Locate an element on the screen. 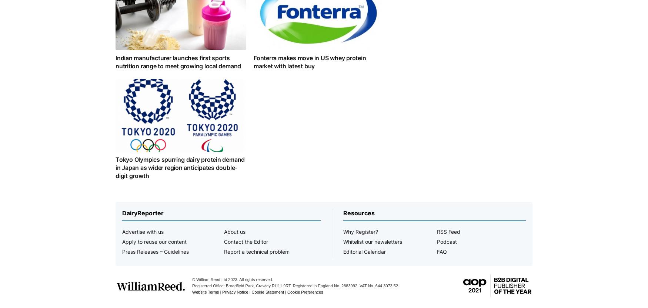  'Tokyo Olympics spurring dairy protein demand in Japan as wider region anticipates double-digit growth' is located at coordinates (115, 168).